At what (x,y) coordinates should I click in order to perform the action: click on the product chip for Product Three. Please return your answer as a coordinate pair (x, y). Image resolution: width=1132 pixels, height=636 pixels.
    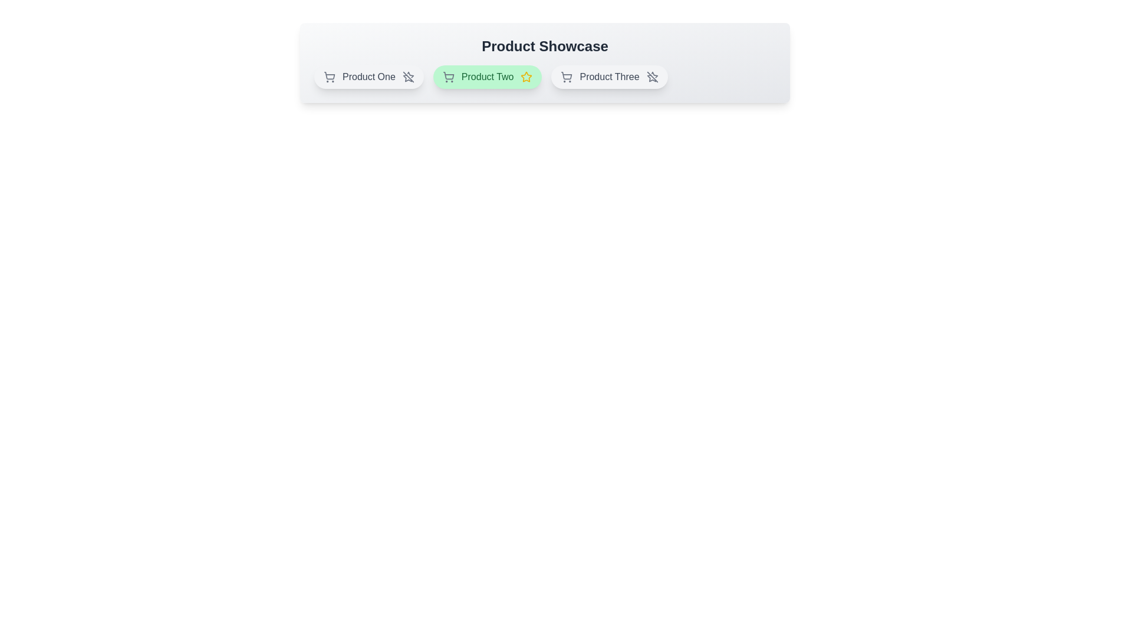
    Looking at the image, I should click on (609, 77).